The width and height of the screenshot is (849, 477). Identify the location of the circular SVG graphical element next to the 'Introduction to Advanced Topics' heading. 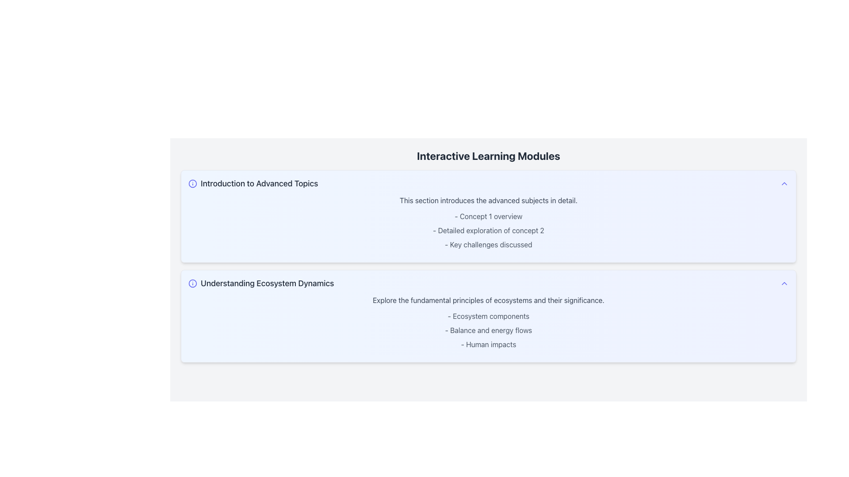
(192, 183).